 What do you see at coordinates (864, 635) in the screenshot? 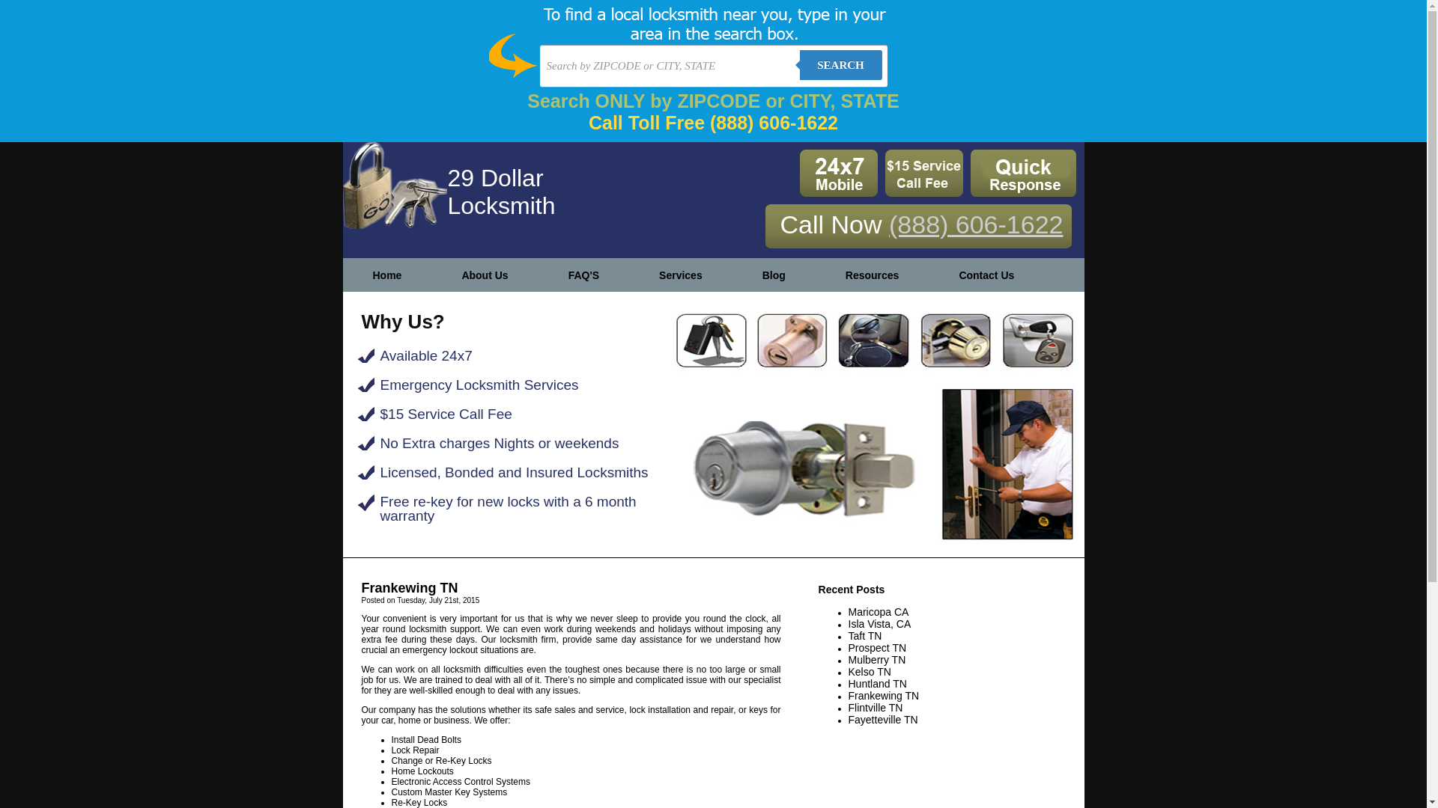
I see `'Taft TN'` at bounding box center [864, 635].